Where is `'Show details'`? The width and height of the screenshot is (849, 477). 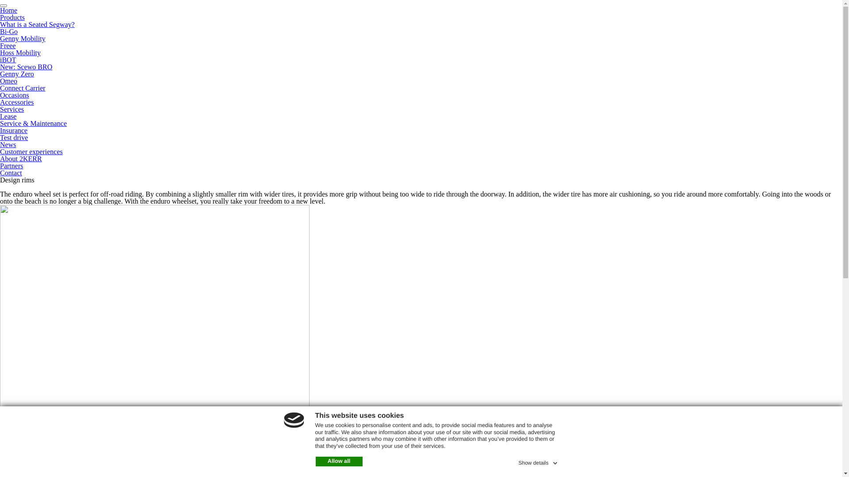
'Show details' is located at coordinates (538, 461).